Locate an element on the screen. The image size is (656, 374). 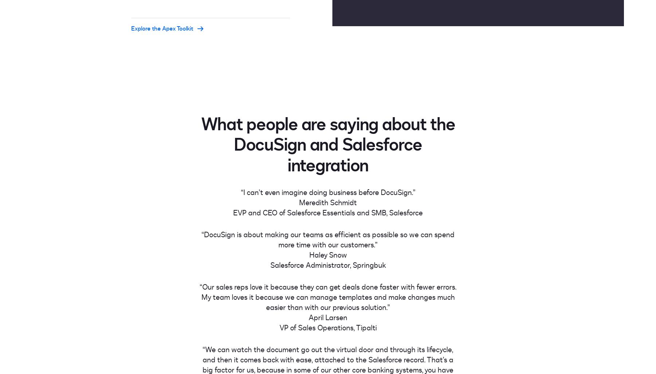
'Haley Snow' is located at coordinates (328, 255).